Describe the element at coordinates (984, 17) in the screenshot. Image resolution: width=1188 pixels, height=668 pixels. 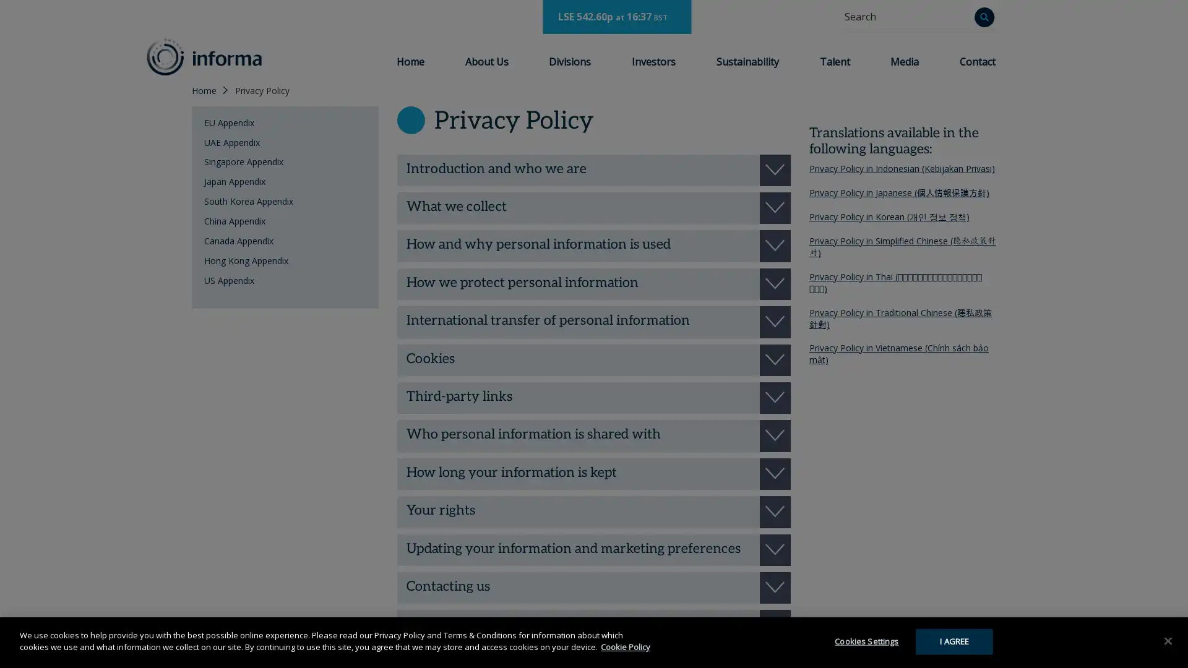
I see `Search` at that location.